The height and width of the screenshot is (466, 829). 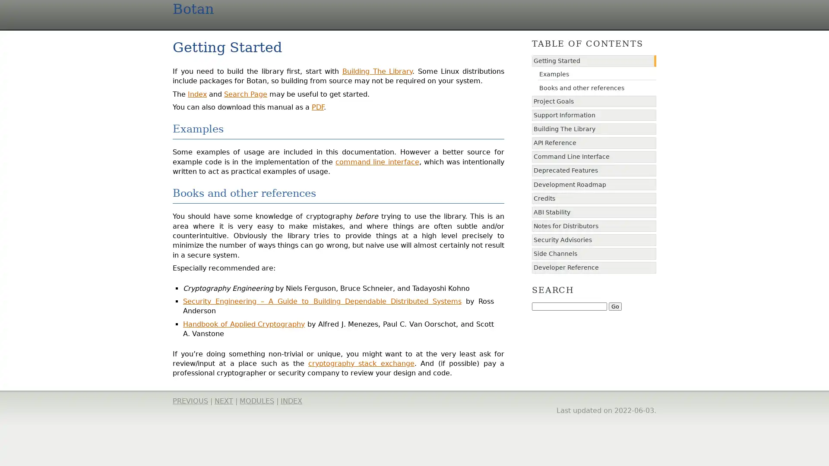 I want to click on Go, so click(x=615, y=306).